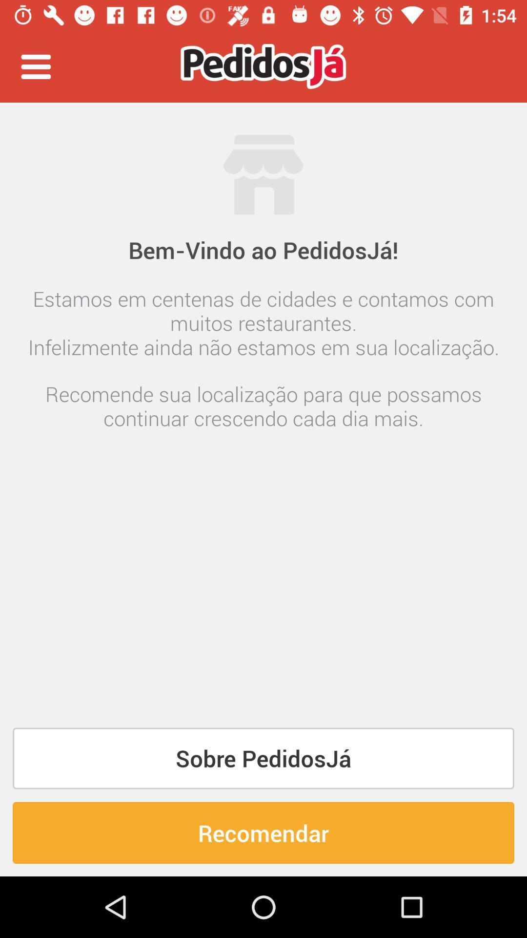 Image resolution: width=527 pixels, height=938 pixels. What do you see at coordinates (263, 832) in the screenshot?
I see `recomendar icon` at bounding box center [263, 832].